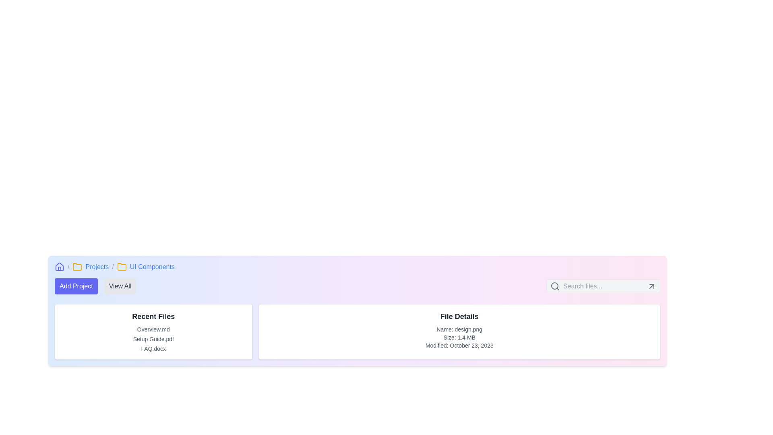 This screenshot has height=435, width=773. What do you see at coordinates (459, 345) in the screenshot?
I see `the static text label displaying 'Modified: October 23, 2023' at the bottom of the 'File Details' section` at bounding box center [459, 345].